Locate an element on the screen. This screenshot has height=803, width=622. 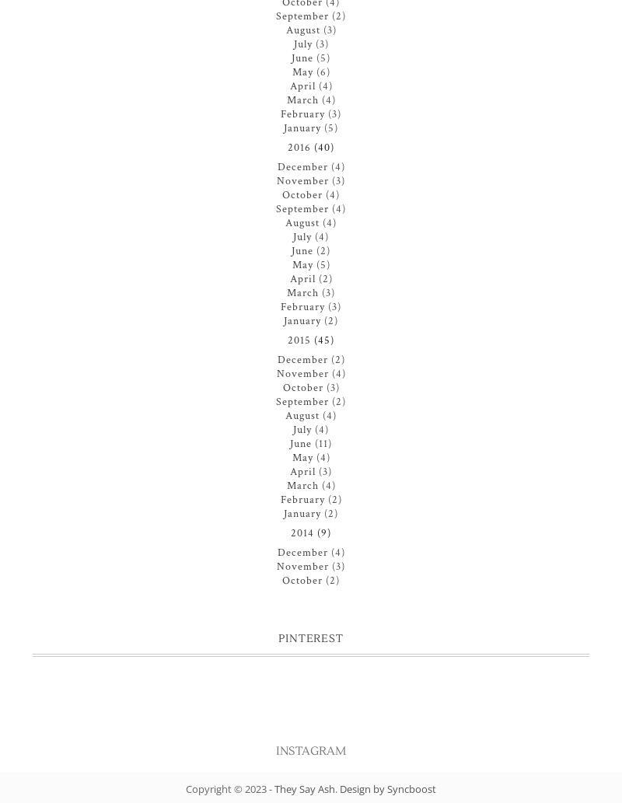
'2014' is located at coordinates (302, 532).